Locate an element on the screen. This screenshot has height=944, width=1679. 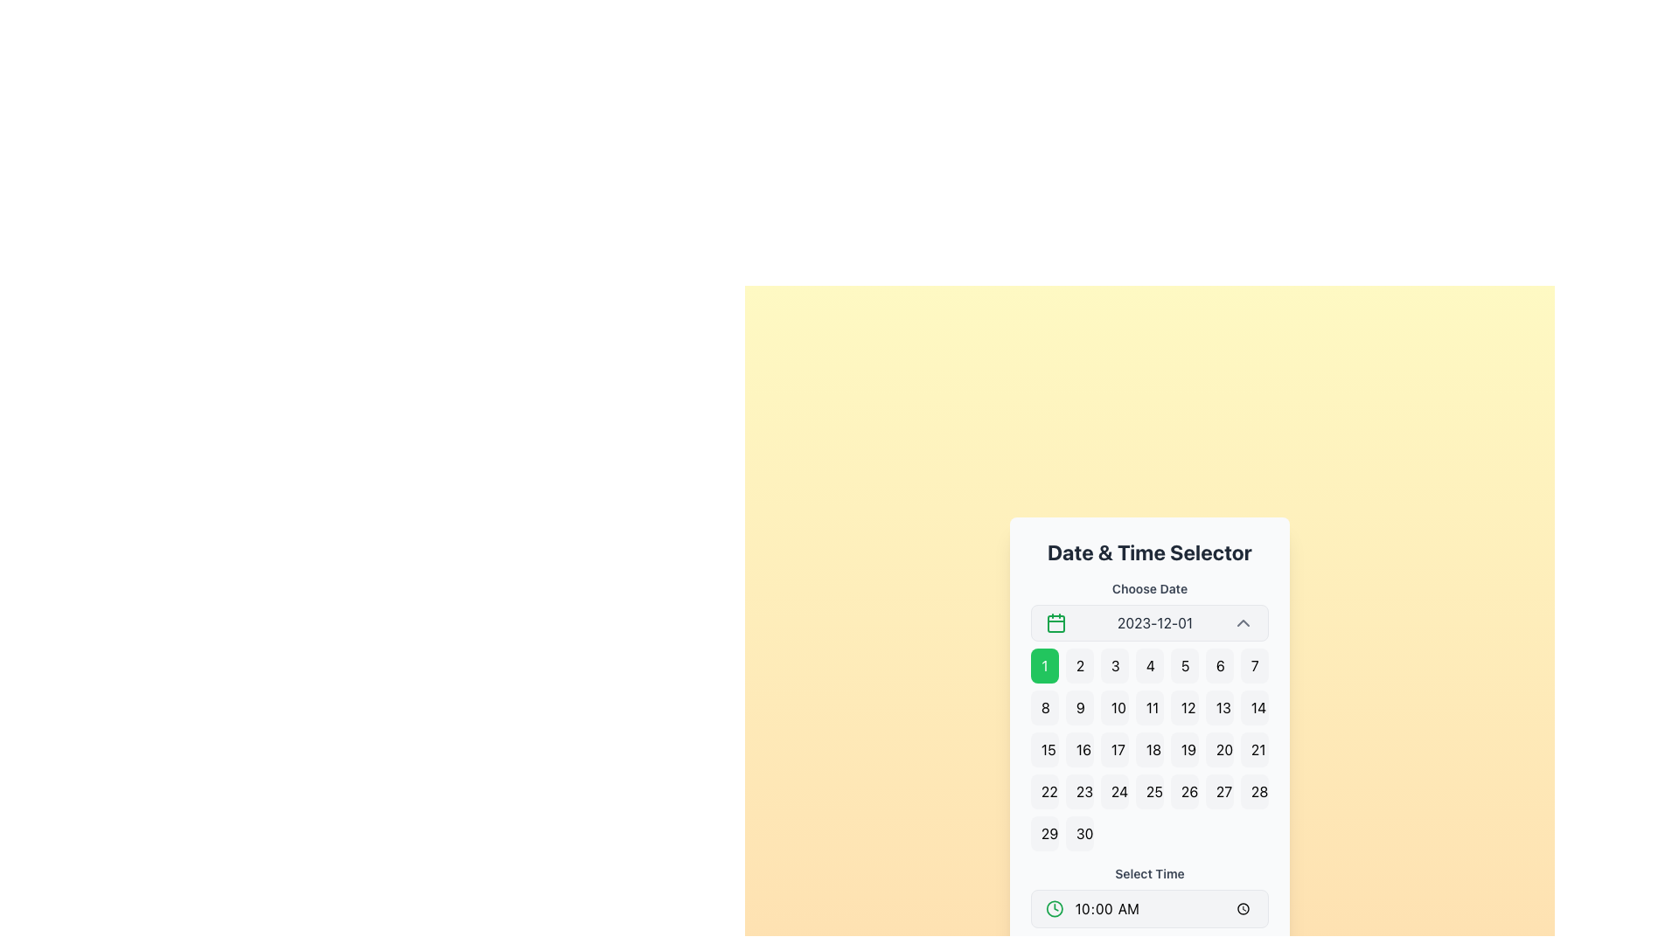
displayed date from the Date Display Field, which has a light gray background, a green calendar icon on the left, and shows '2023-12-01' in the center is located at coordinates (1150, 622).